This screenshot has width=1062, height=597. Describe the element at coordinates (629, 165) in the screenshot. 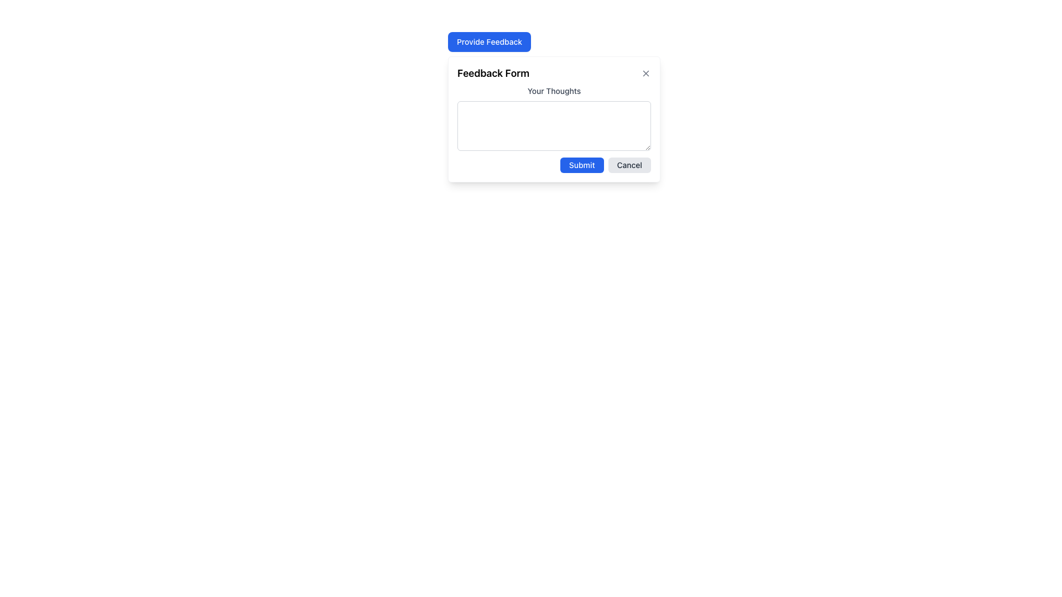

I see `the 'Cancel' button, which is a rectangular button with a light gray background and dark gray text, located in the bottom-right corner of the modal dialog interface` at that location.